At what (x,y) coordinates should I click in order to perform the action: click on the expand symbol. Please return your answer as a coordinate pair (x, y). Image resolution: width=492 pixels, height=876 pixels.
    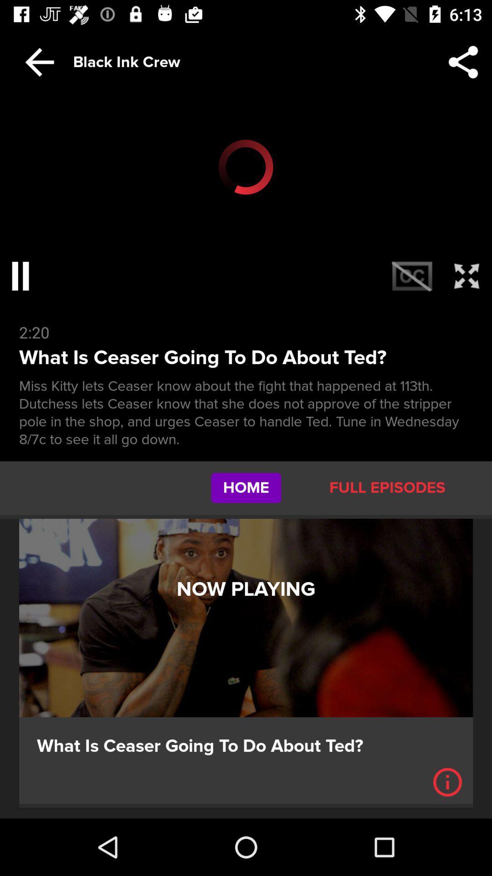
    Looking at the image, I should click on (466, 275).